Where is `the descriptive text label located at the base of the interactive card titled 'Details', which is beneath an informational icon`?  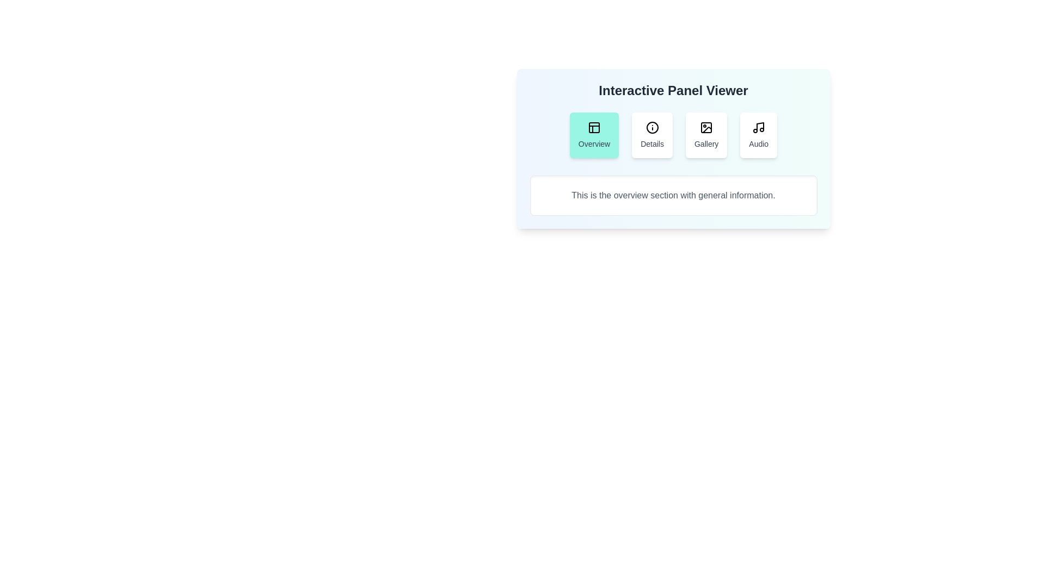 the descriptive text label located at the base of the interactive card titled 'Details', which is beneath an informational icon is located at coordinates (652, 143).